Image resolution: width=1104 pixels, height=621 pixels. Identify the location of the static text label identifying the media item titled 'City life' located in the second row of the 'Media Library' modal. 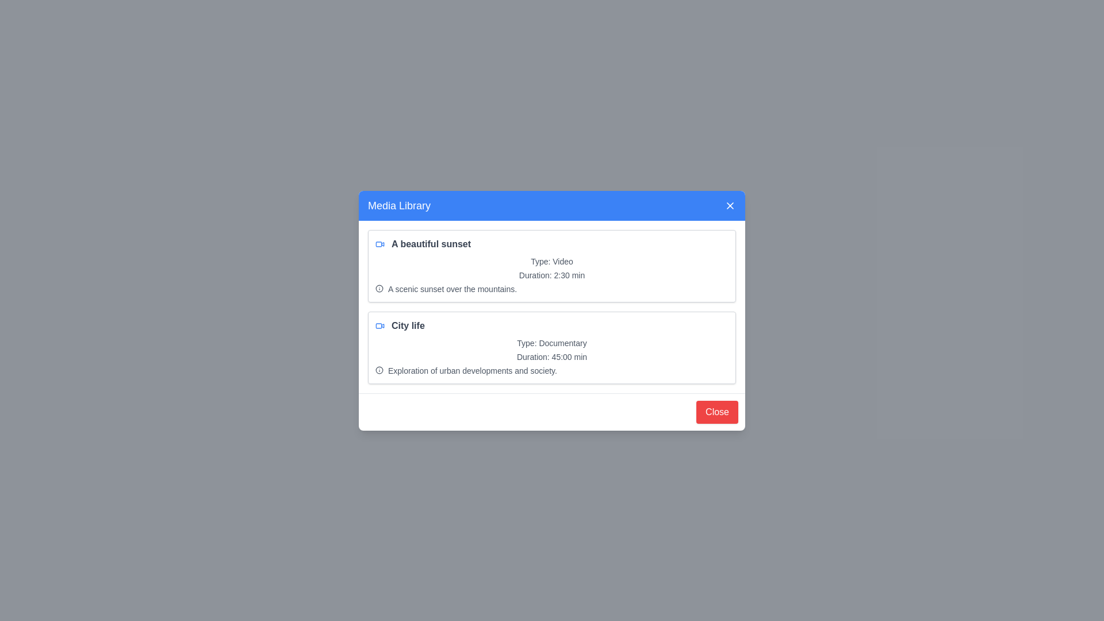
(408, 325).